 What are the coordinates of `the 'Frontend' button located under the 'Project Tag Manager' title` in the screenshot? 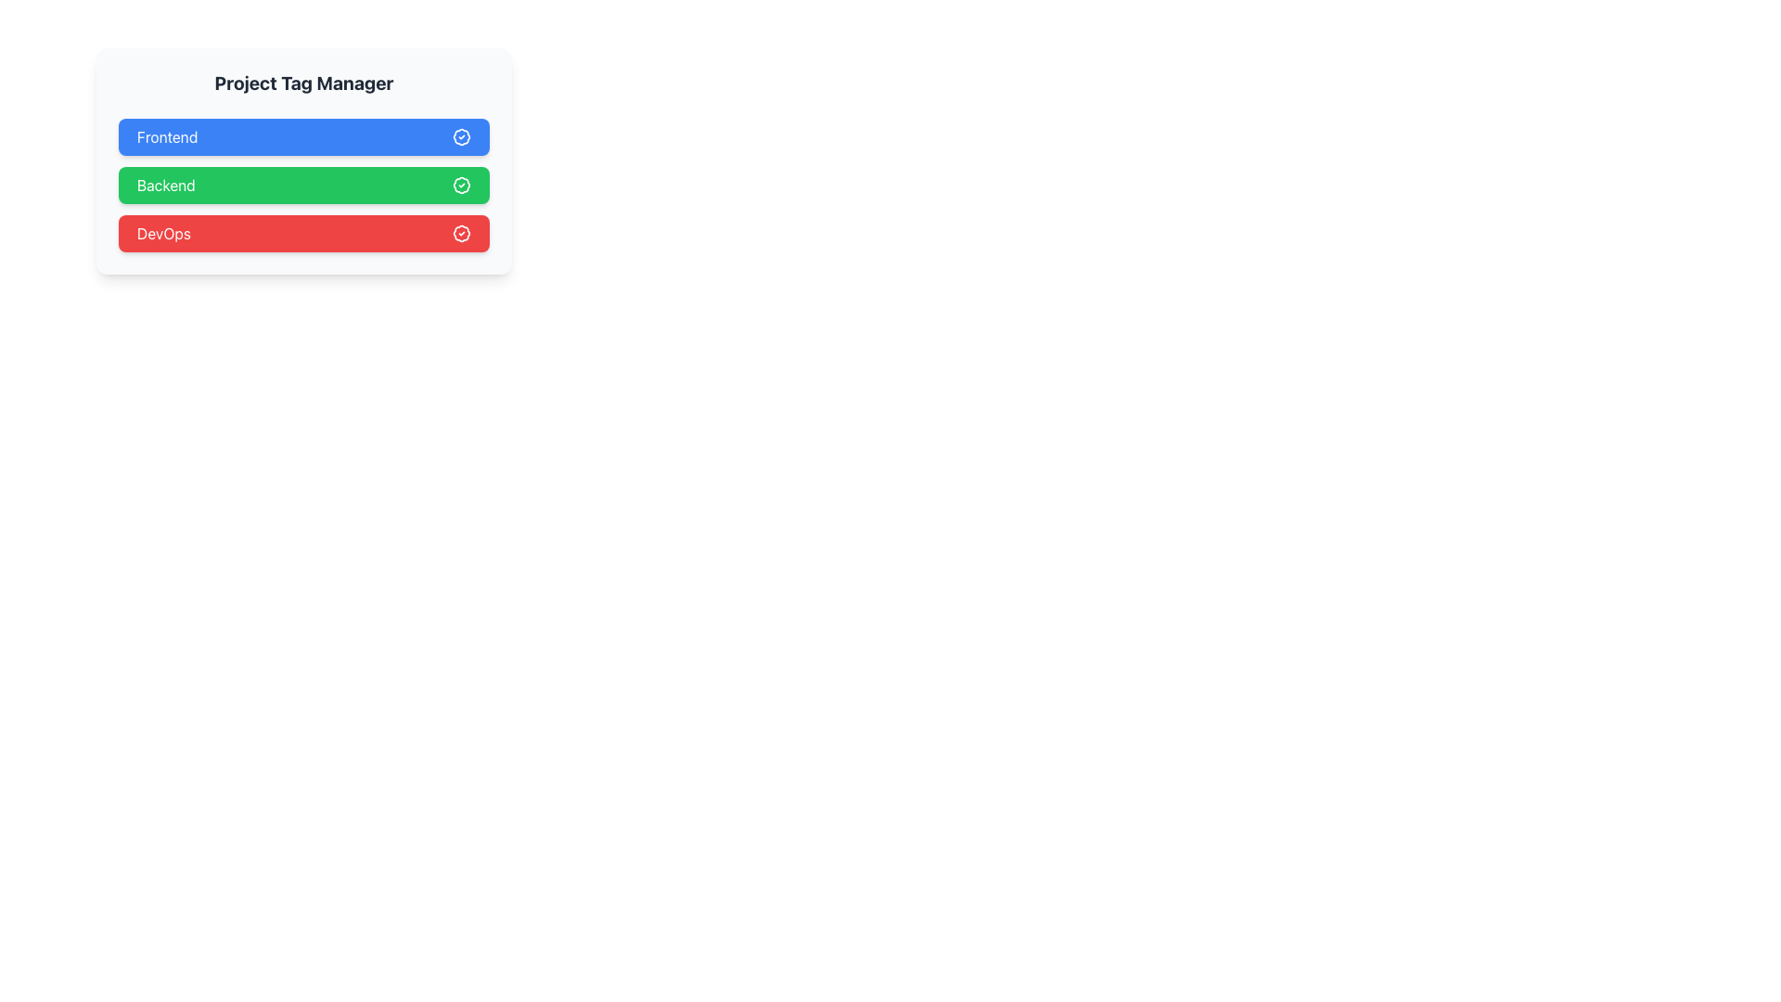 It's located at (303, 135).